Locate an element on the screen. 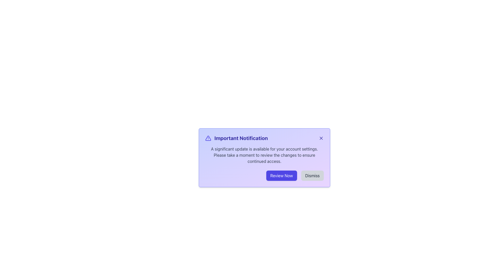 The image size is (493, 277). the button located at the top-right corner of the notification panel, adjacent to the text 'Important Notification', for accessibility purposes is located at coordinates (321, 138).